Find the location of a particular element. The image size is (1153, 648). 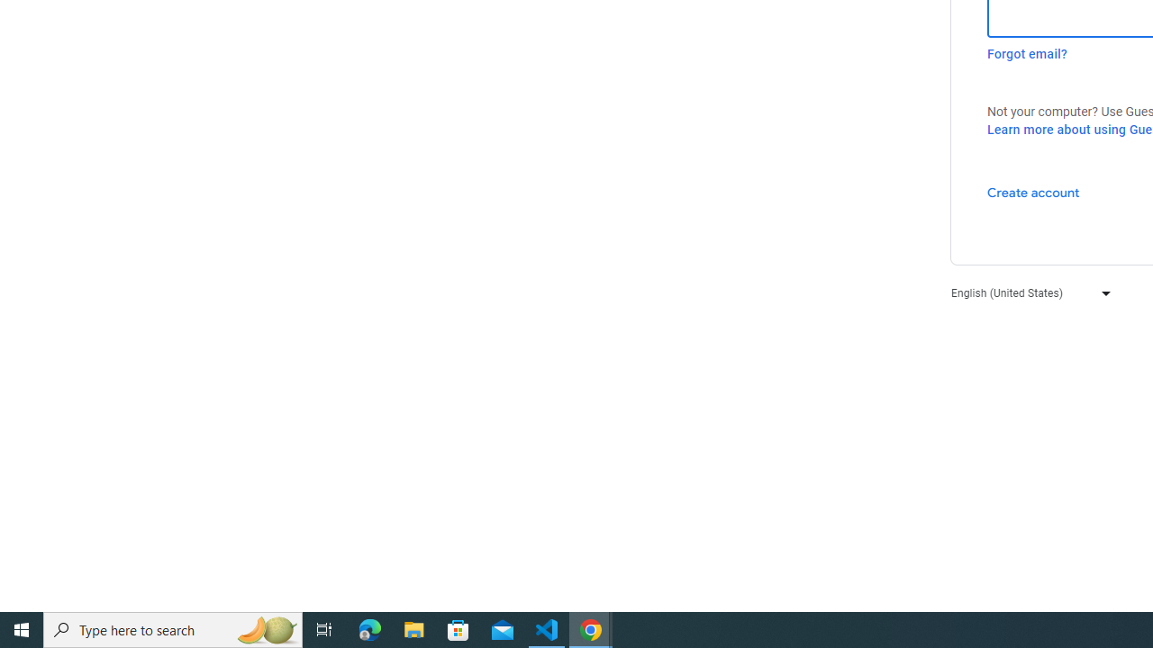

'English (United States)' is located at coordinates (1026, 292).